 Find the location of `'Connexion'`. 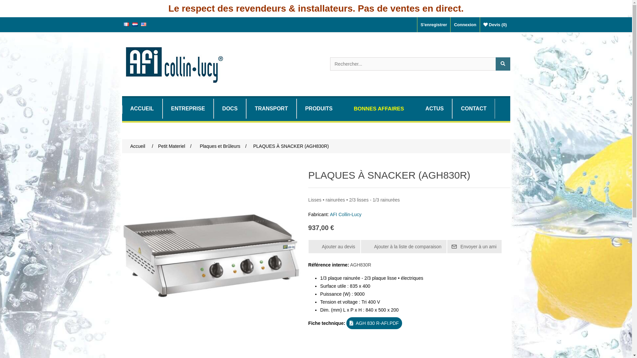

'Connexion' is located at coordinates (464, 24).